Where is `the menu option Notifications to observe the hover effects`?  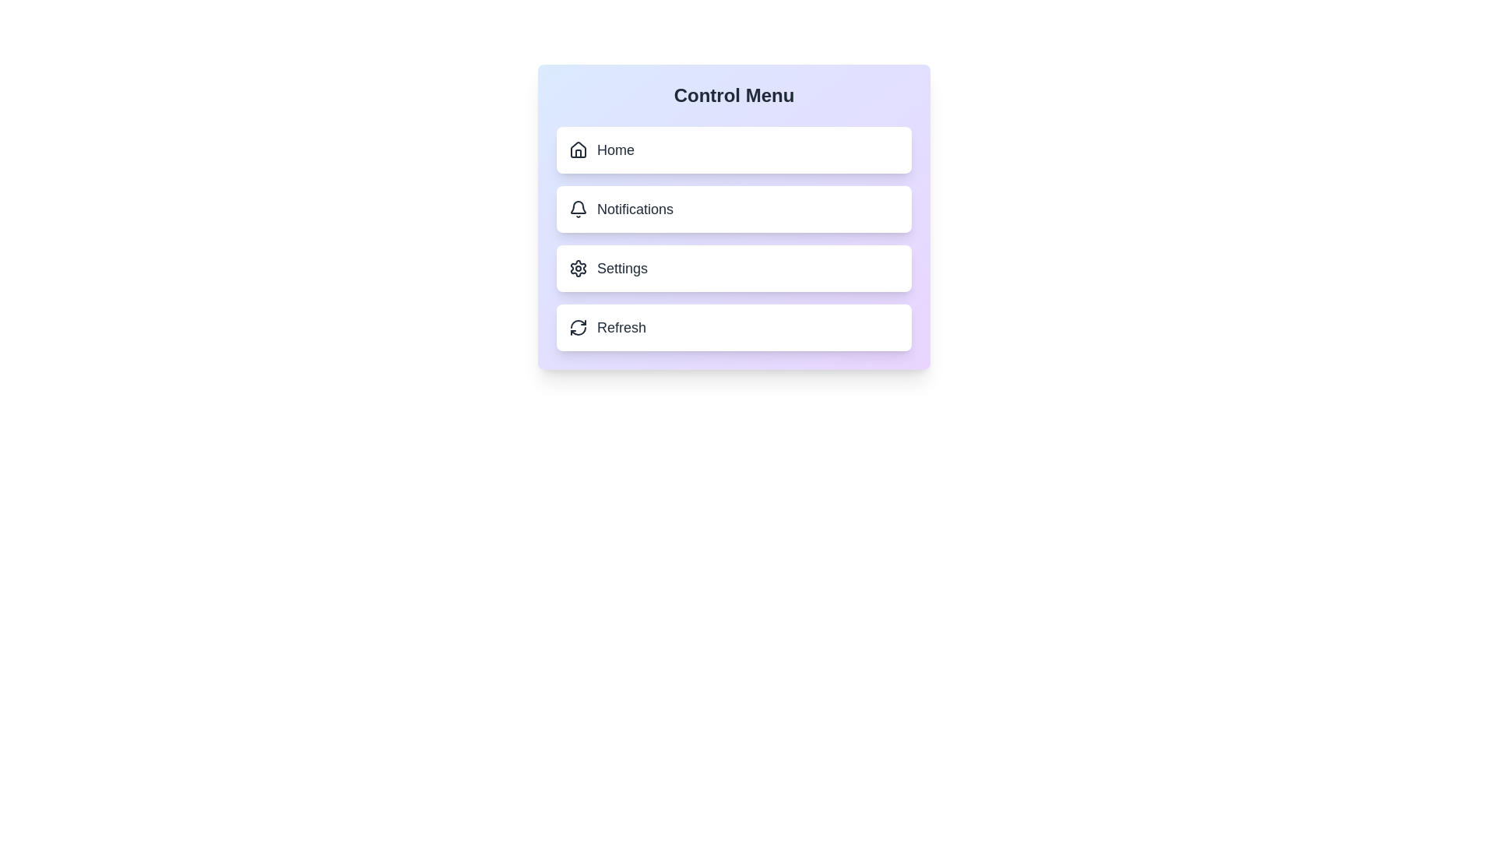
the menu option Notifications to observe the hover effects is located at coordinates (733, 209).